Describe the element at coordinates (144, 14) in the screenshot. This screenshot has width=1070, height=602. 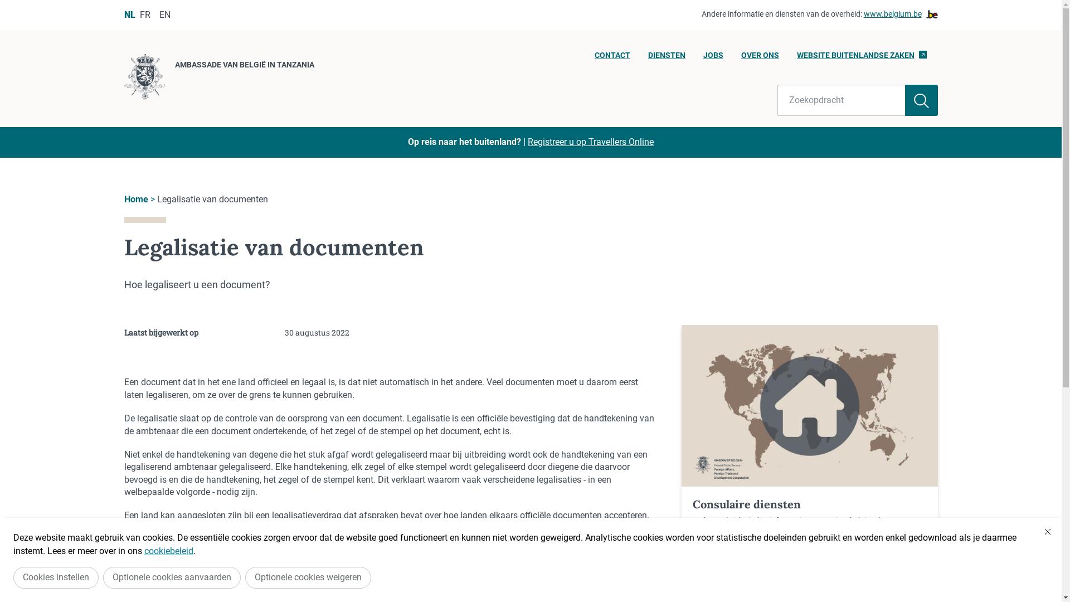
I see `'FR'` at that location.